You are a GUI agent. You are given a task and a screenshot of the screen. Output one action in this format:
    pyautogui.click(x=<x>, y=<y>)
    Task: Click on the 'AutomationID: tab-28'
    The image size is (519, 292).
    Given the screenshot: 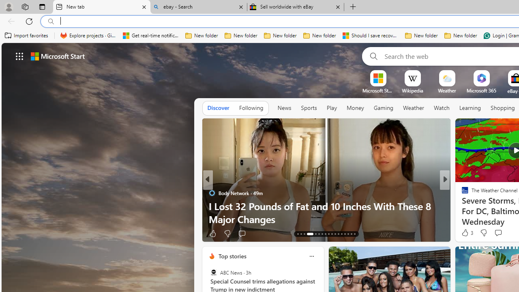 What is the action you would take?
    pyautogui.click(x=351, y=234)
    